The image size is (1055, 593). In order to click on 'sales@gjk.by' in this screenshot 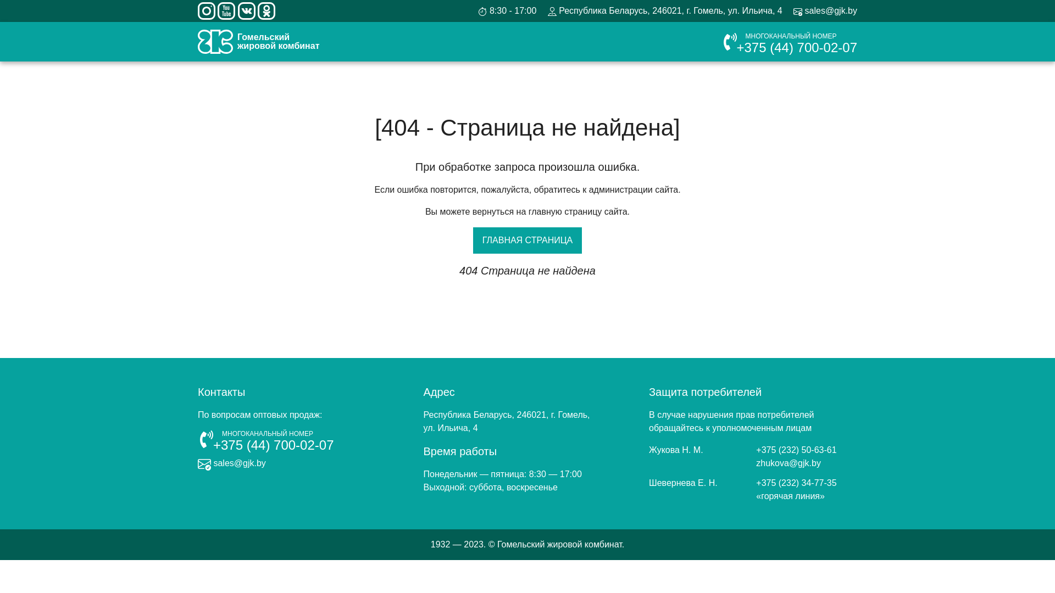, I will do `click(793, 10)`.